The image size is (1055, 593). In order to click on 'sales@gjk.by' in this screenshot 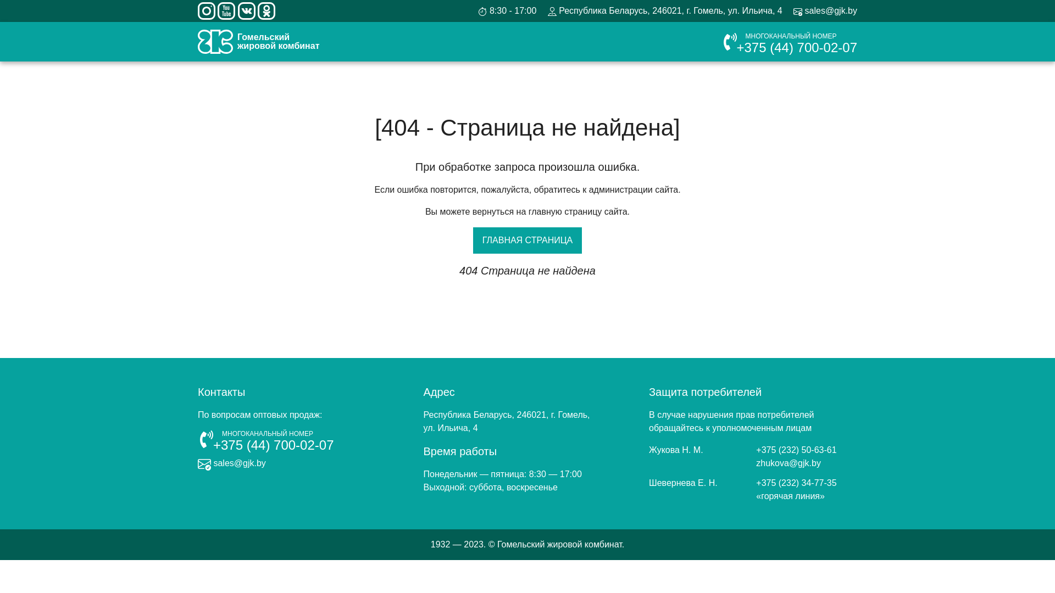, I will do `click(793, 10)`.